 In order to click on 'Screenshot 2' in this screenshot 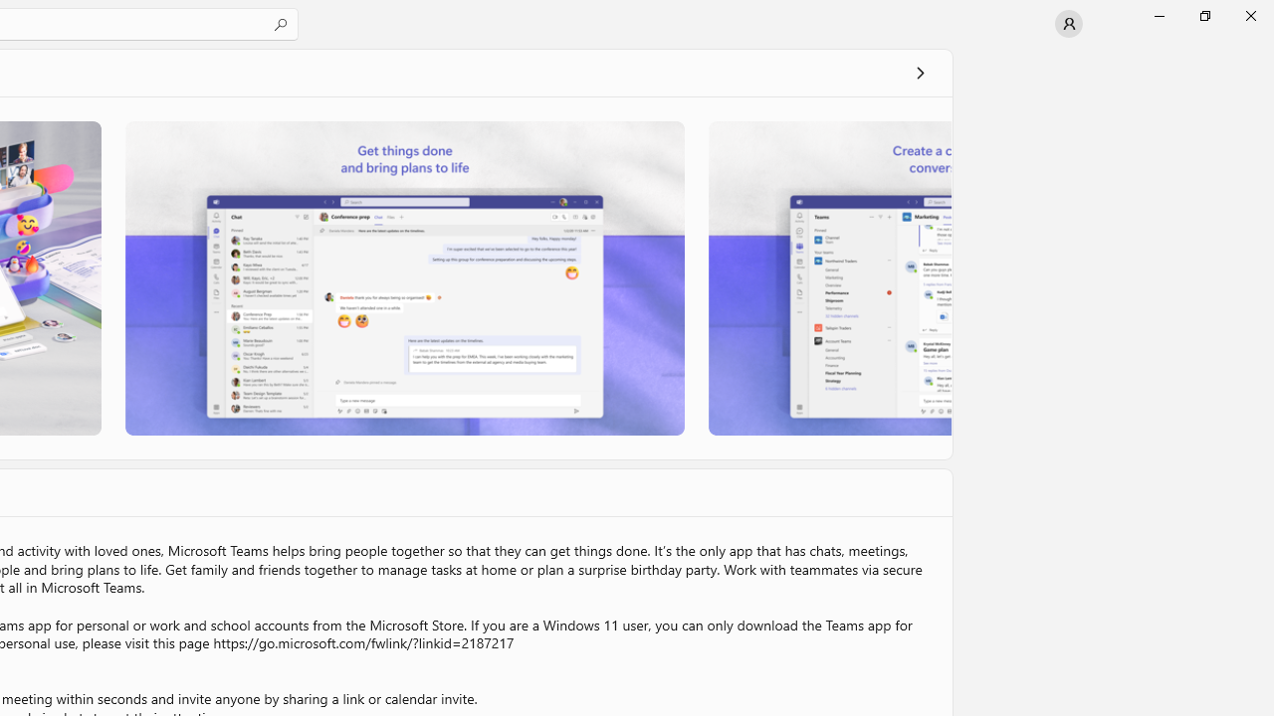, I will do `click(404, 277)`.